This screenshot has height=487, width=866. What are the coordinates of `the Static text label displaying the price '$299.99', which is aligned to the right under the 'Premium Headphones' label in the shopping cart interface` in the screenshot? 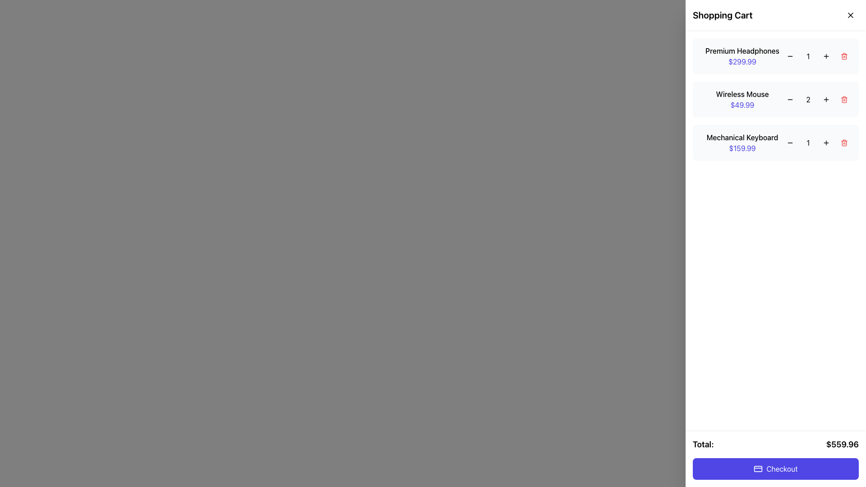 It's located at (742, 61).